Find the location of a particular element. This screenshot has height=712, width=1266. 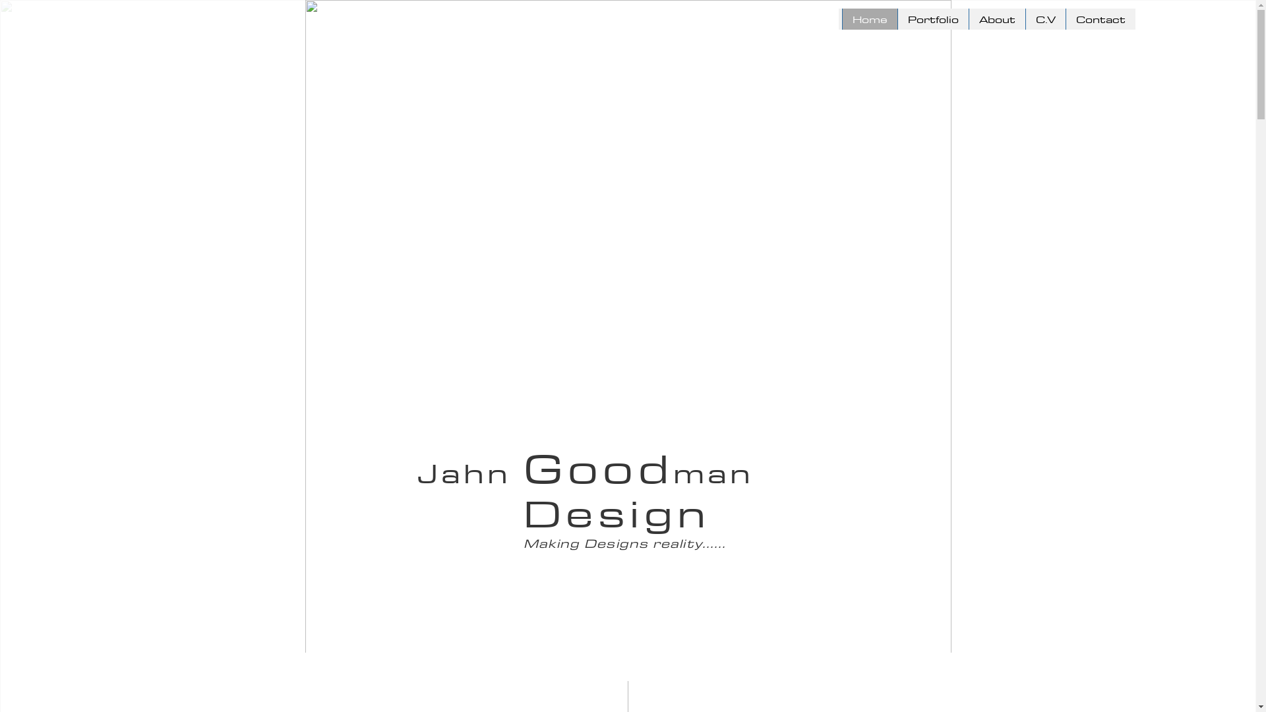

'Contact' is located at coordinates (1100, 19).